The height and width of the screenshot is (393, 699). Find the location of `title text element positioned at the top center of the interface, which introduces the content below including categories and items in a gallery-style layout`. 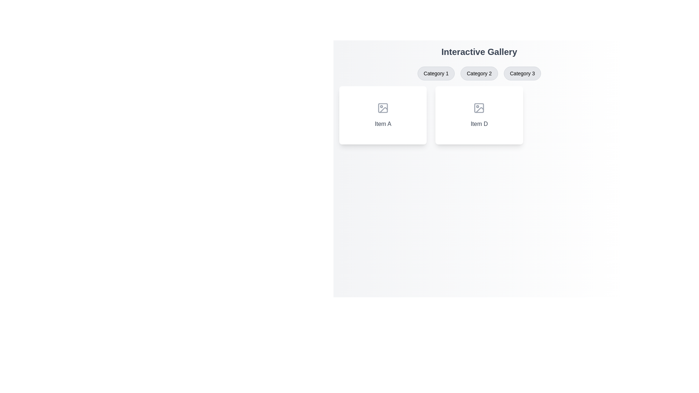

title text element positioned at the top center of the interface, which introduces the content below including categories and items in a gallery-style layout is located at coordinates (479, 51).